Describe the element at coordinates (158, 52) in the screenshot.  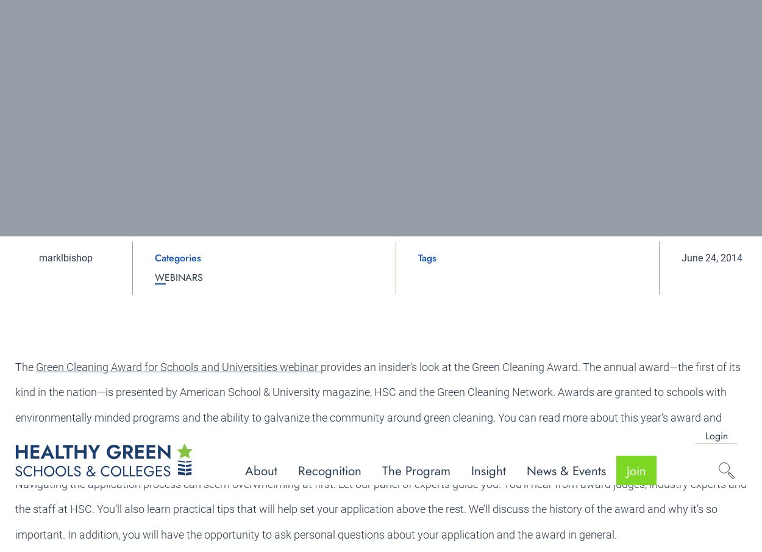
I see `'Newsletter'` at that location.